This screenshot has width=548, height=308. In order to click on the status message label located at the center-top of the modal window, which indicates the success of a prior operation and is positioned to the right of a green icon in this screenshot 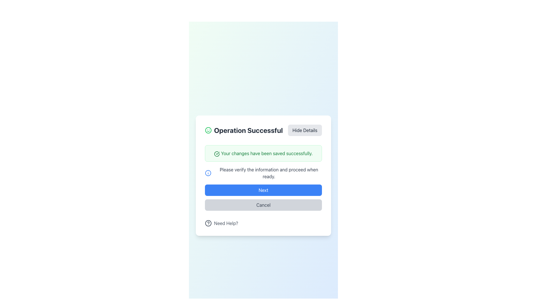, I will do `click(248, 130)`.